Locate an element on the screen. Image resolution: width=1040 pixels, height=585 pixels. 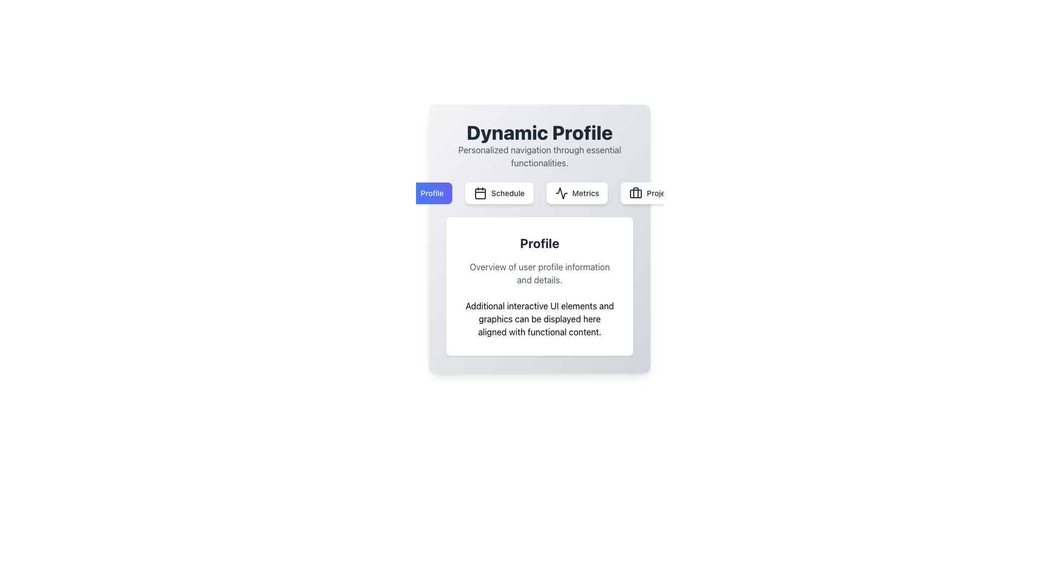
the 'Schedule' button with a white background and gray text, located between 'Profile' and 'Metrics' buttons is located at coordinates (498, 193).